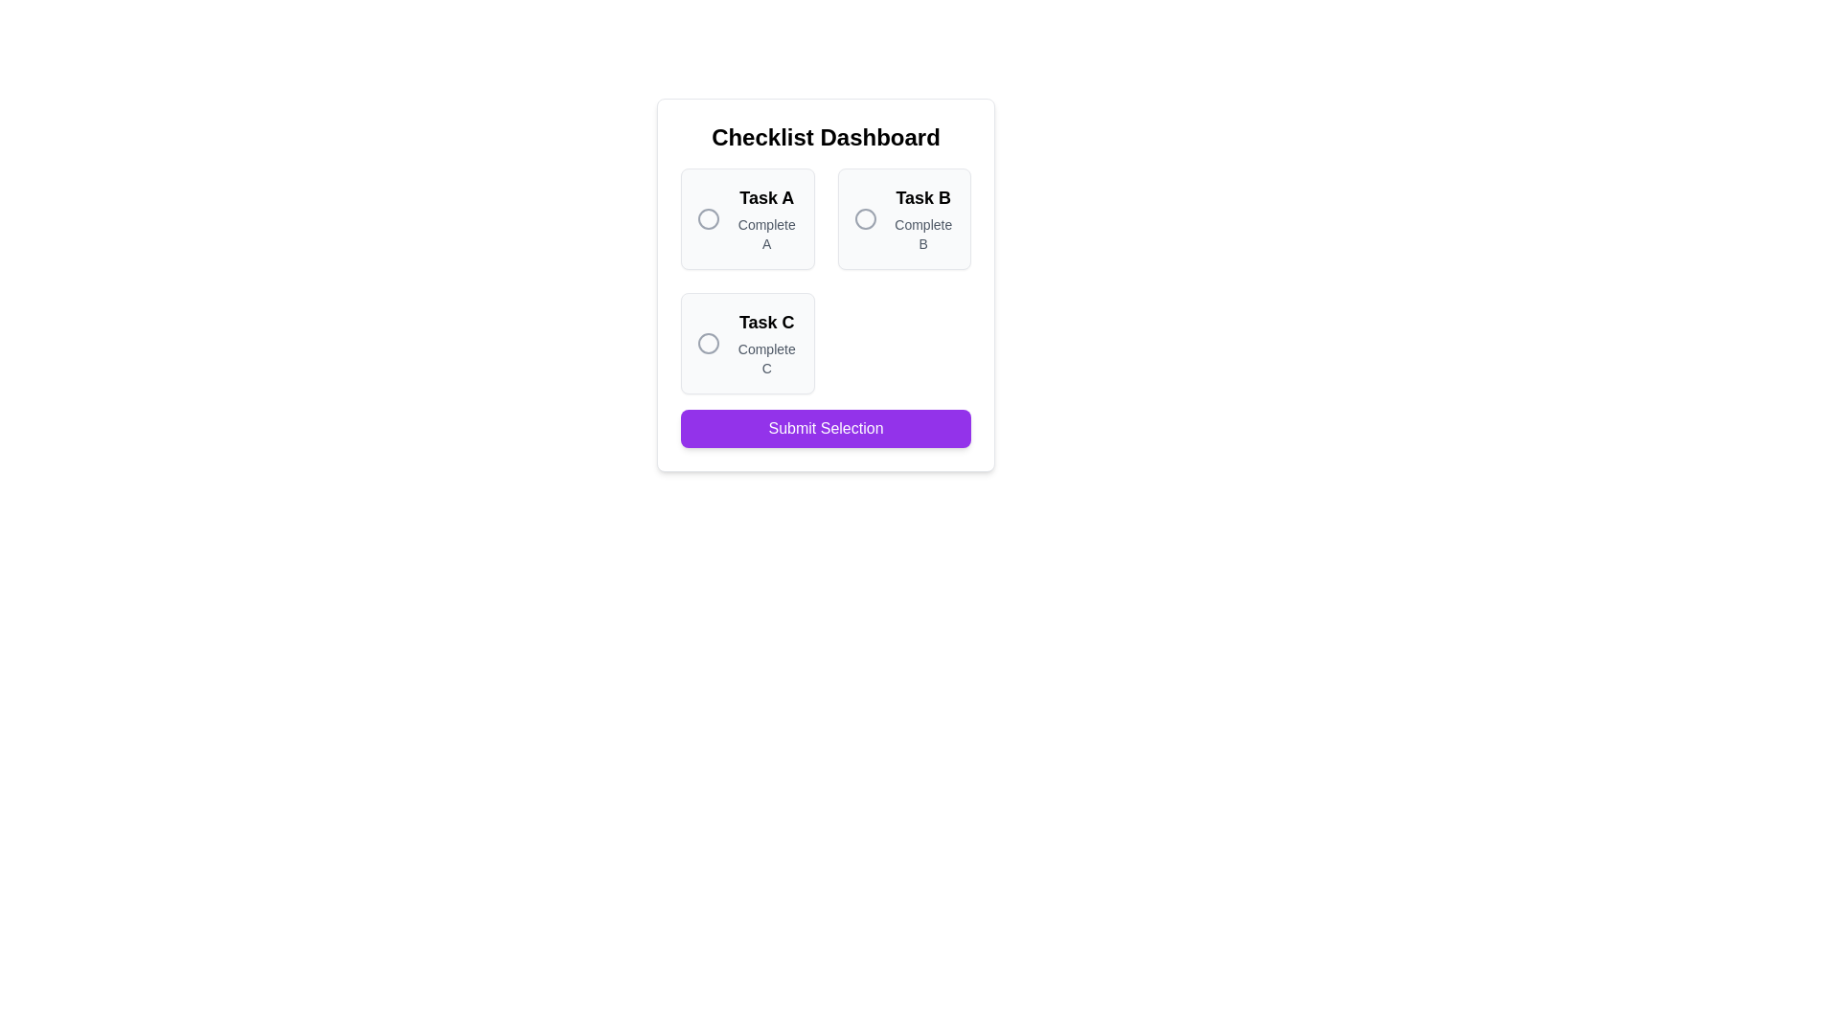 The width and height of the screenshot is (1839, 1034). What do you see at coordinates (766, 321) in the screenshot?
I see `the text label for 'Task C', which is the third task item in the checklist section, positioned between 'Task B' and the 'Submit Selection' button` at bounding box center [766, 321].